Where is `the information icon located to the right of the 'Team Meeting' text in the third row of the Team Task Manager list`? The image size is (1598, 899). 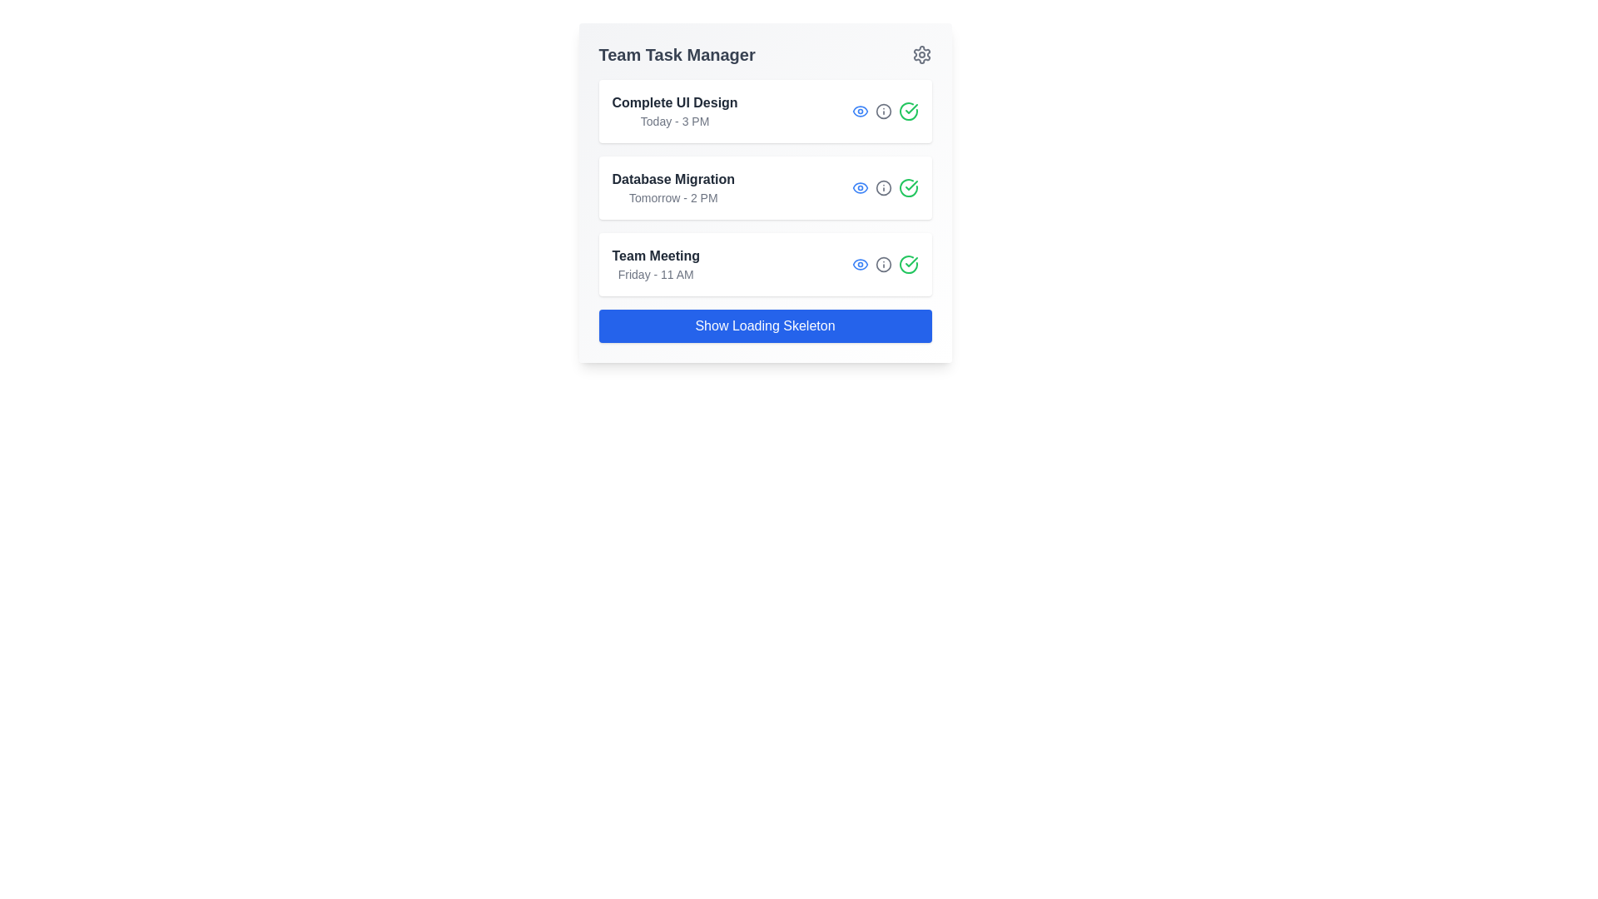 the information icon located to the right of the 'Team Meeting' text in the third row of the Team Task Manager list is located at coordinates (882, 263).